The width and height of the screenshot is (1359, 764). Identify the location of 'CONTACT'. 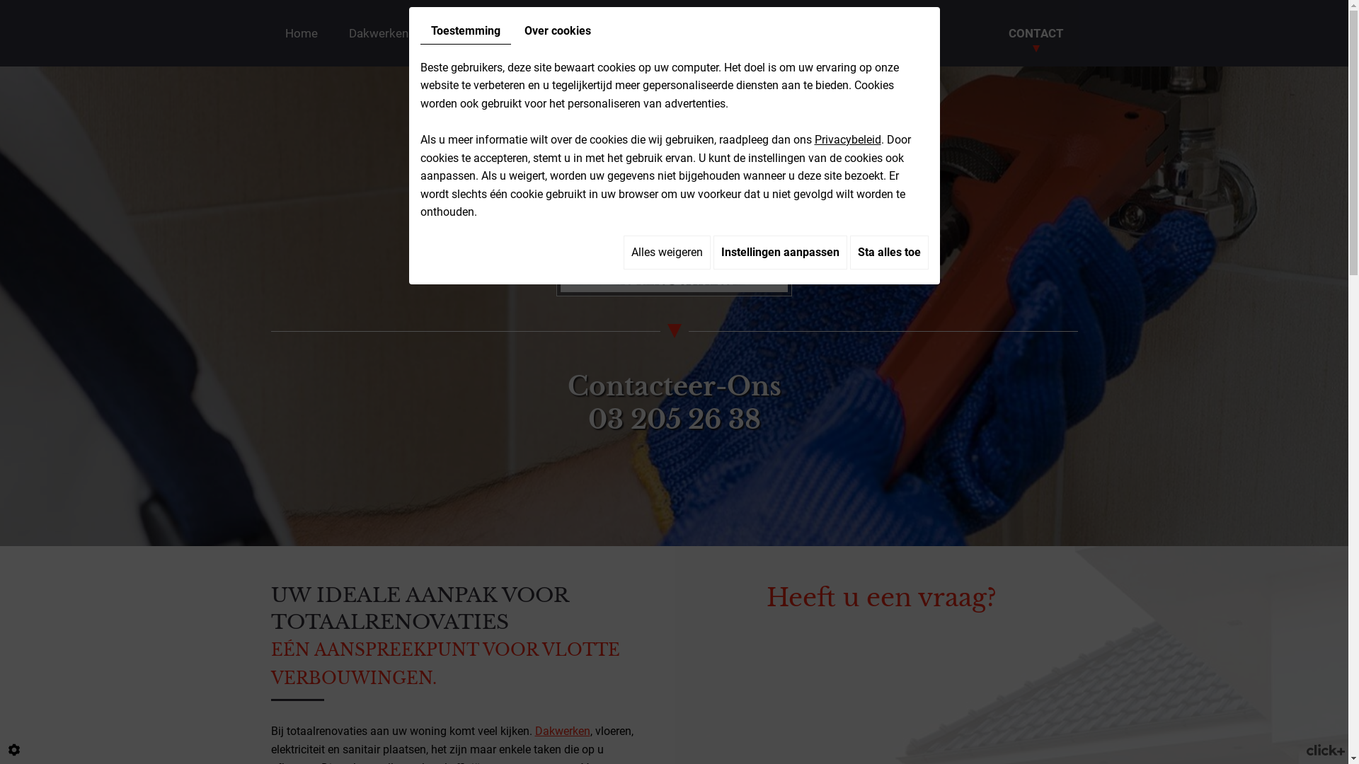
(1036, 32).